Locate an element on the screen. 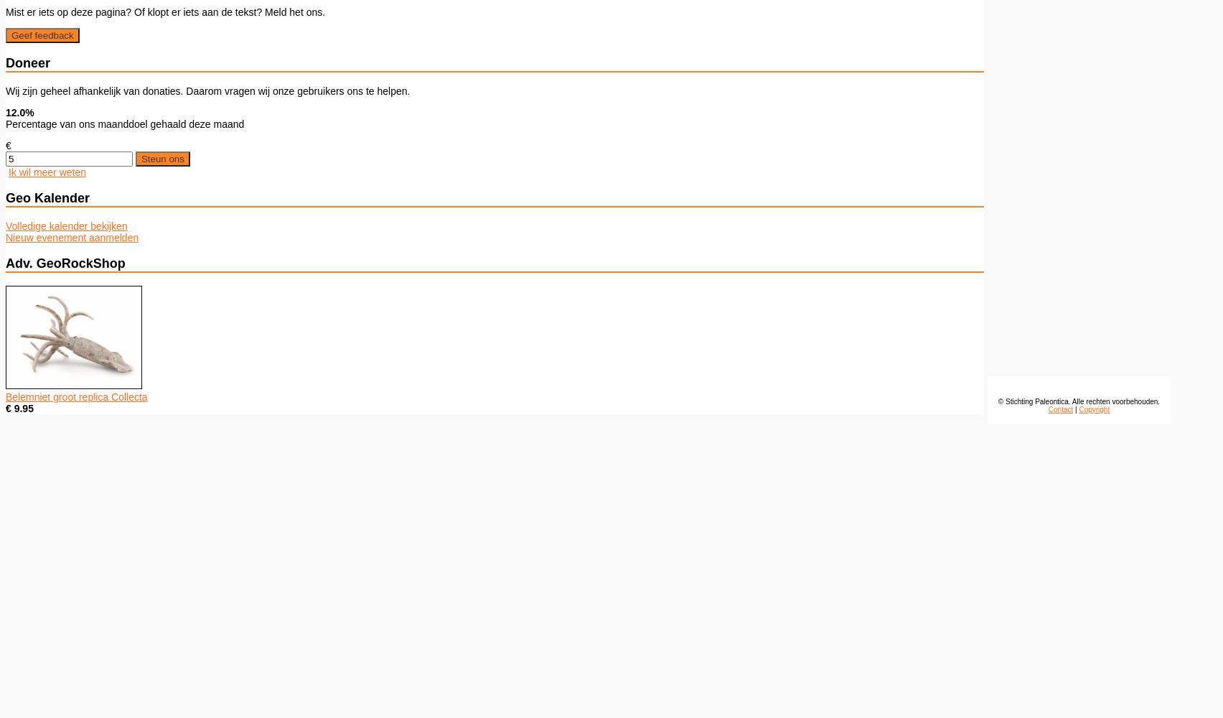 The height and width of the screenshot is (718, 1223). 'Mist er iets op deze pagina? Of klopt er iets aan de tekst? Meld het ons.' is located at coordinates (164, 11).